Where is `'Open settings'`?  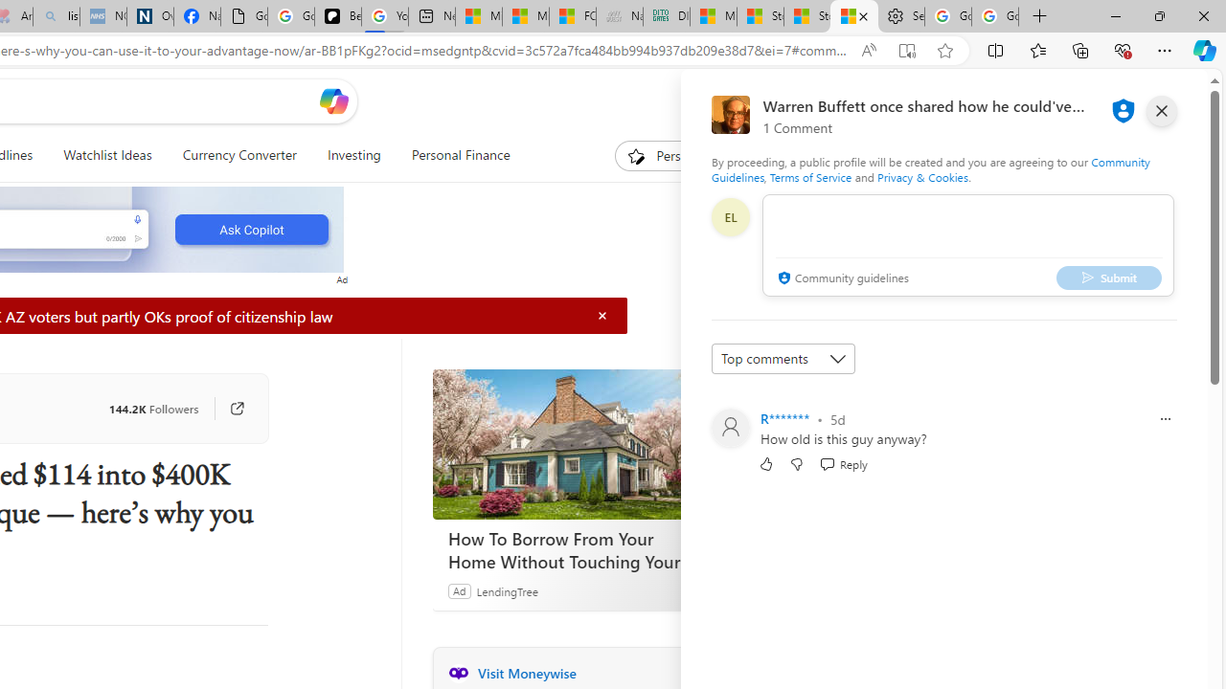 'Open settings' is located at coordinates (1164, 100).